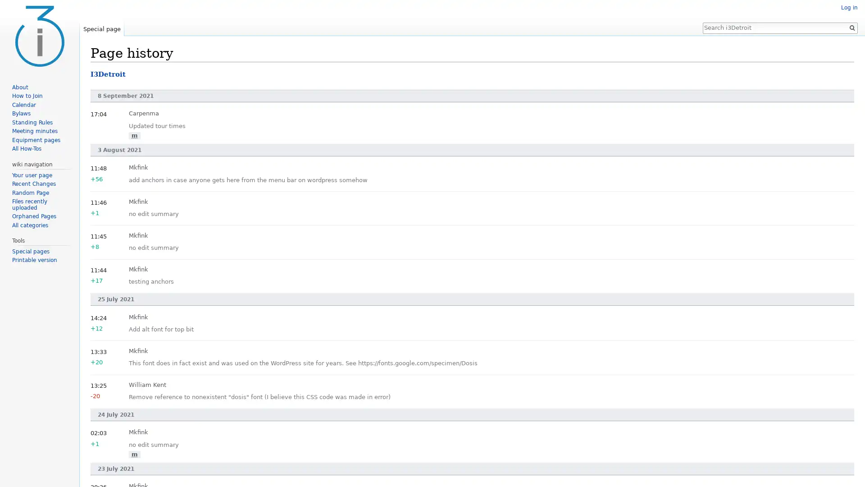 The width and height of the screenshot is (865, 487). Describe the element at coordinates (851, 27) in the screenshot. I see `Go` at that location.